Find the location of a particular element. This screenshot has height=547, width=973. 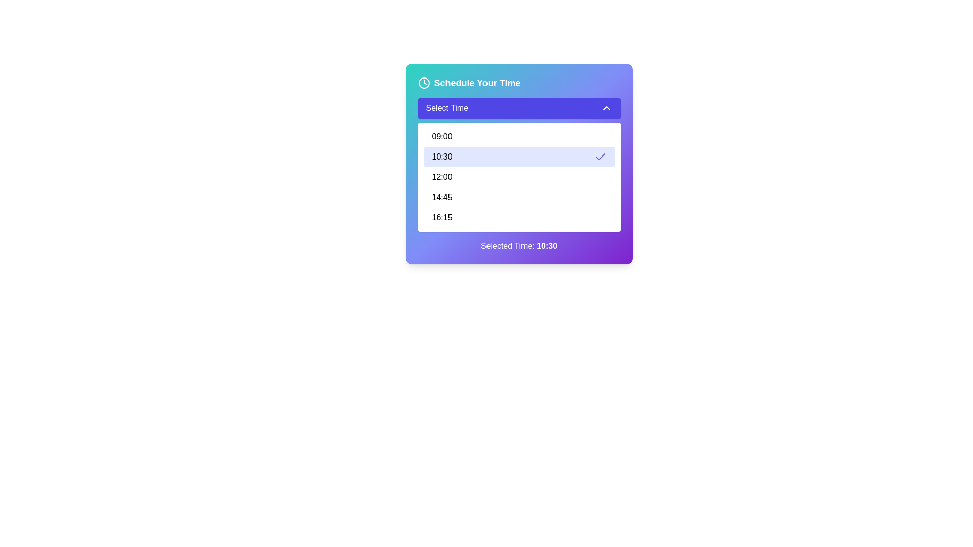

the chevron-up icon located at the top-right corner of the 'Select Time' button is located at coordinates (606, 108).